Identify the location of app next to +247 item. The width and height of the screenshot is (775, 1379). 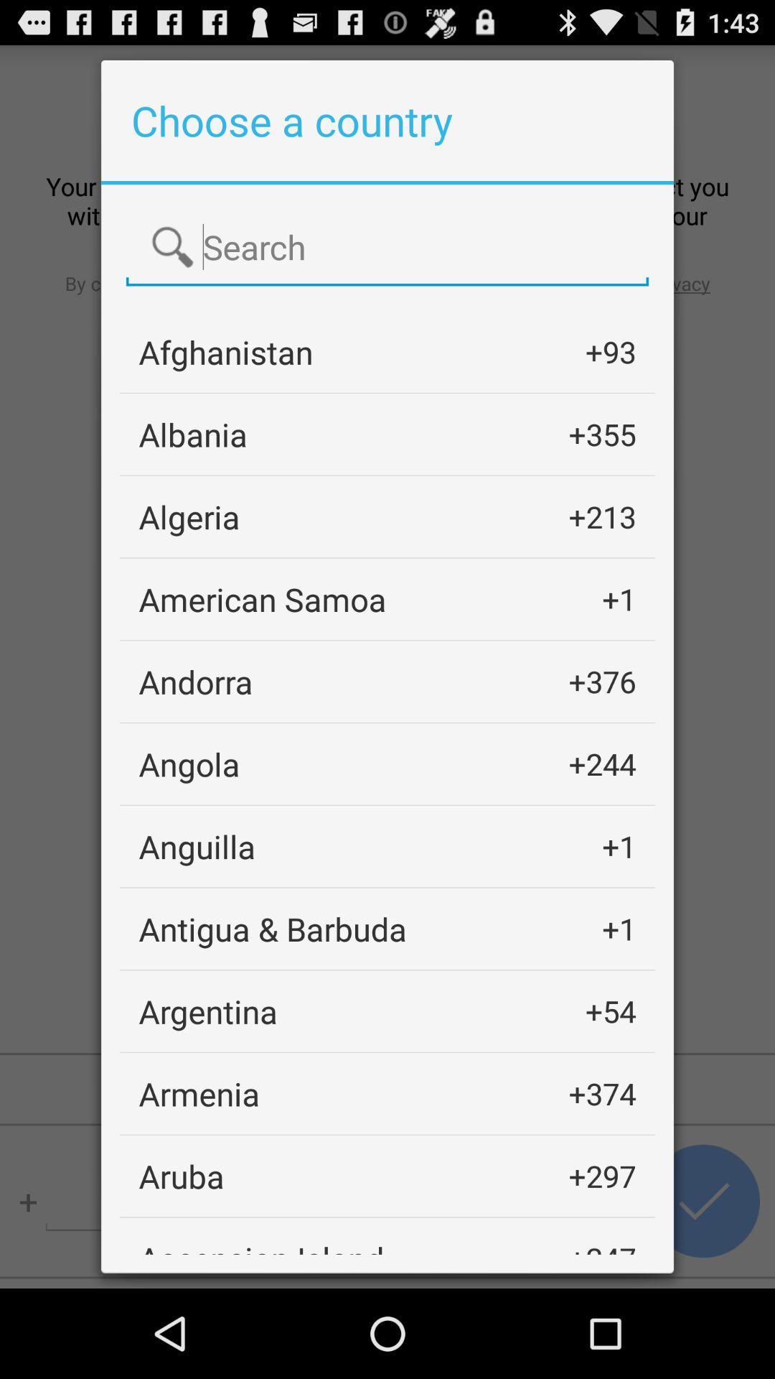
(261, 1245).